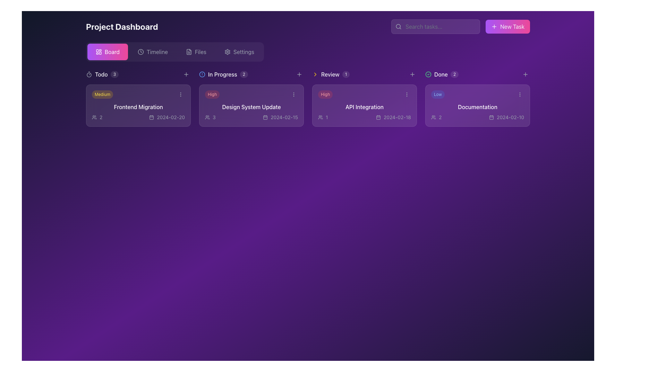 The height and width of the screenshot is (374, 666). What do you see at coordinates (299, 74) in the screenshot?
I see `the small circular '+' button located to the right of the 'In Progress' section header` at bounding box center [299, 74].